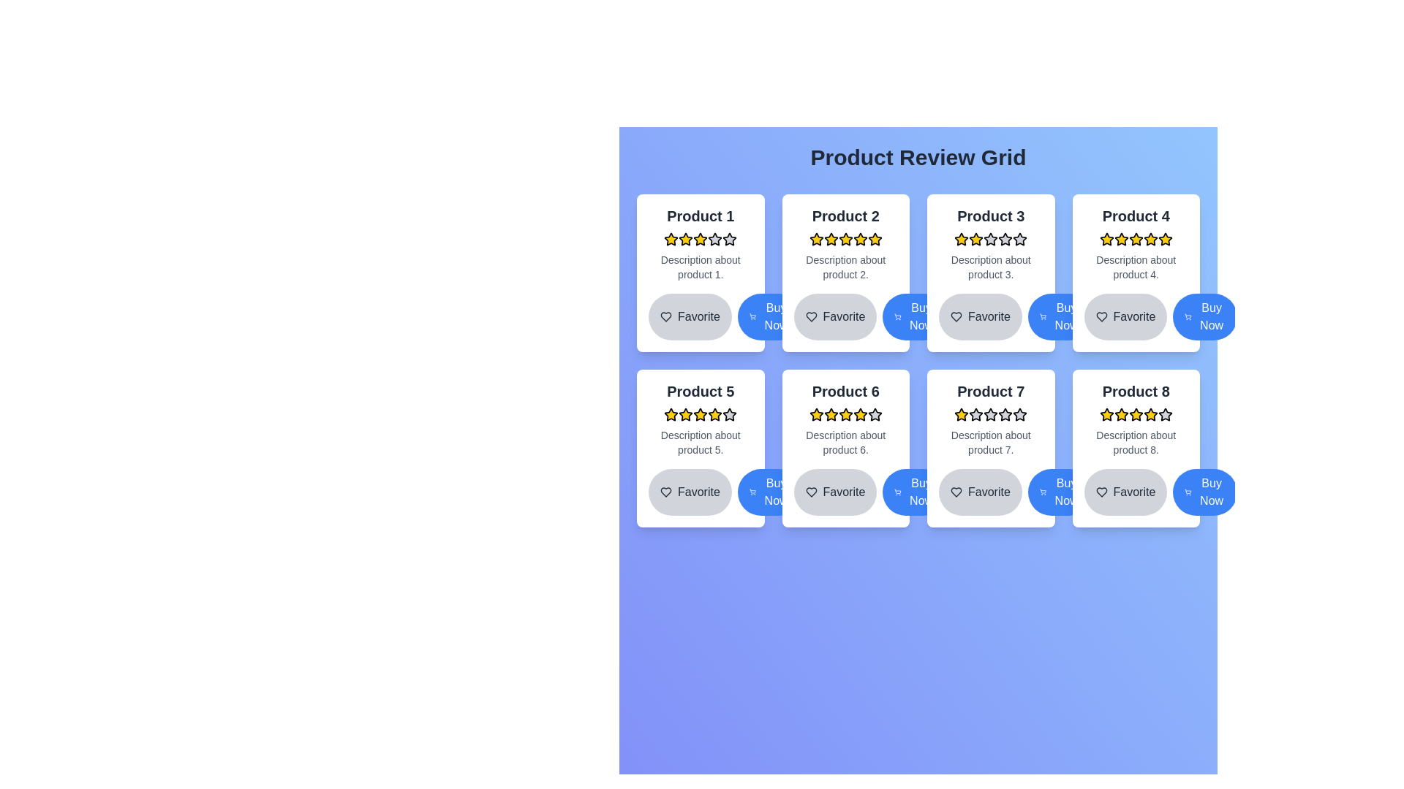 The width and height of the screenshot is (1404, 789). Describe the element at coordinates (1135, 492) in the screenshot. I see `the favorite button located in the bottom-left corner of the product card for 'Product 8' to observe any hover effects` at that location.